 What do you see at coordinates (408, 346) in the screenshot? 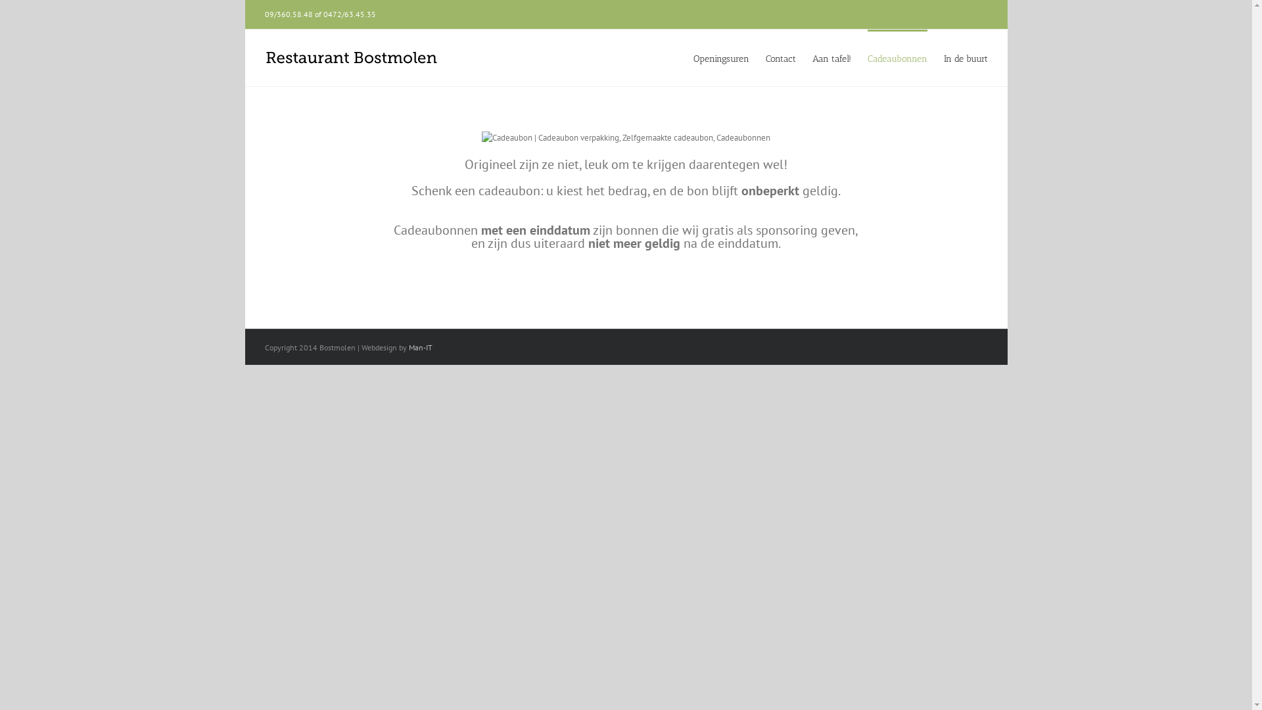
I see `'Man-IT'` at bounding box center [408, 346].